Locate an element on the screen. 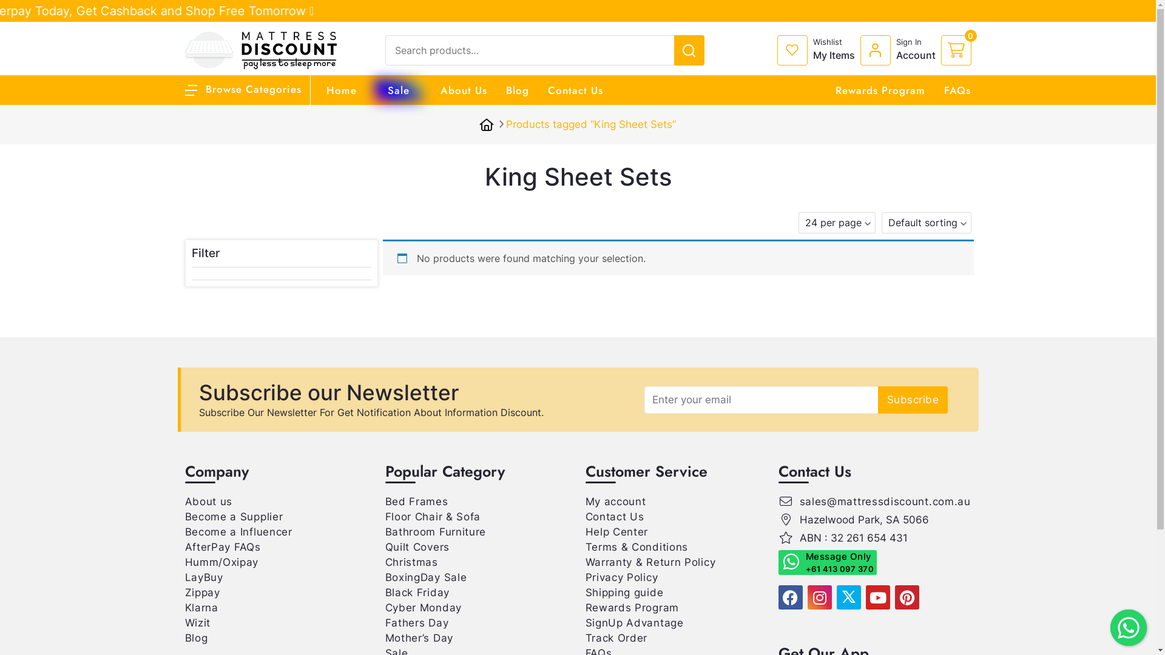  'Search' is located at coordinates (1090, 13).